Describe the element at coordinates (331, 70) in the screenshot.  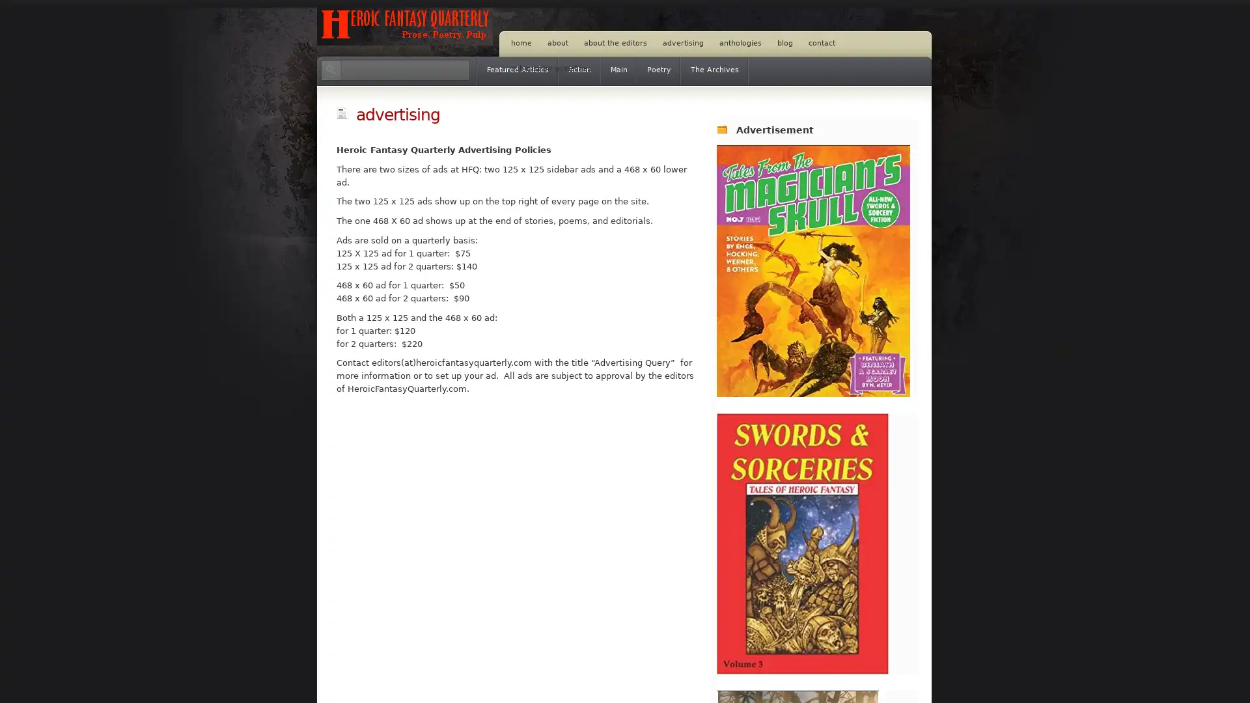
I see `Search` at that location.